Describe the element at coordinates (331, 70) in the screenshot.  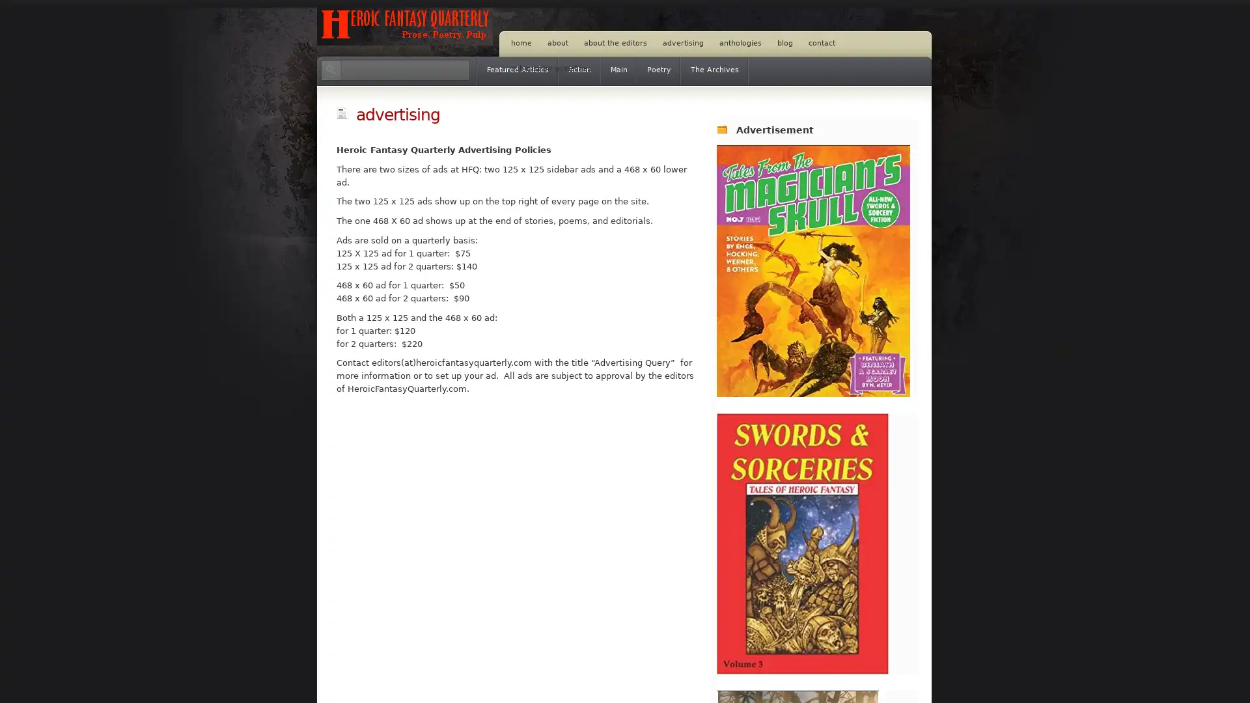
I see `Search` at that location.